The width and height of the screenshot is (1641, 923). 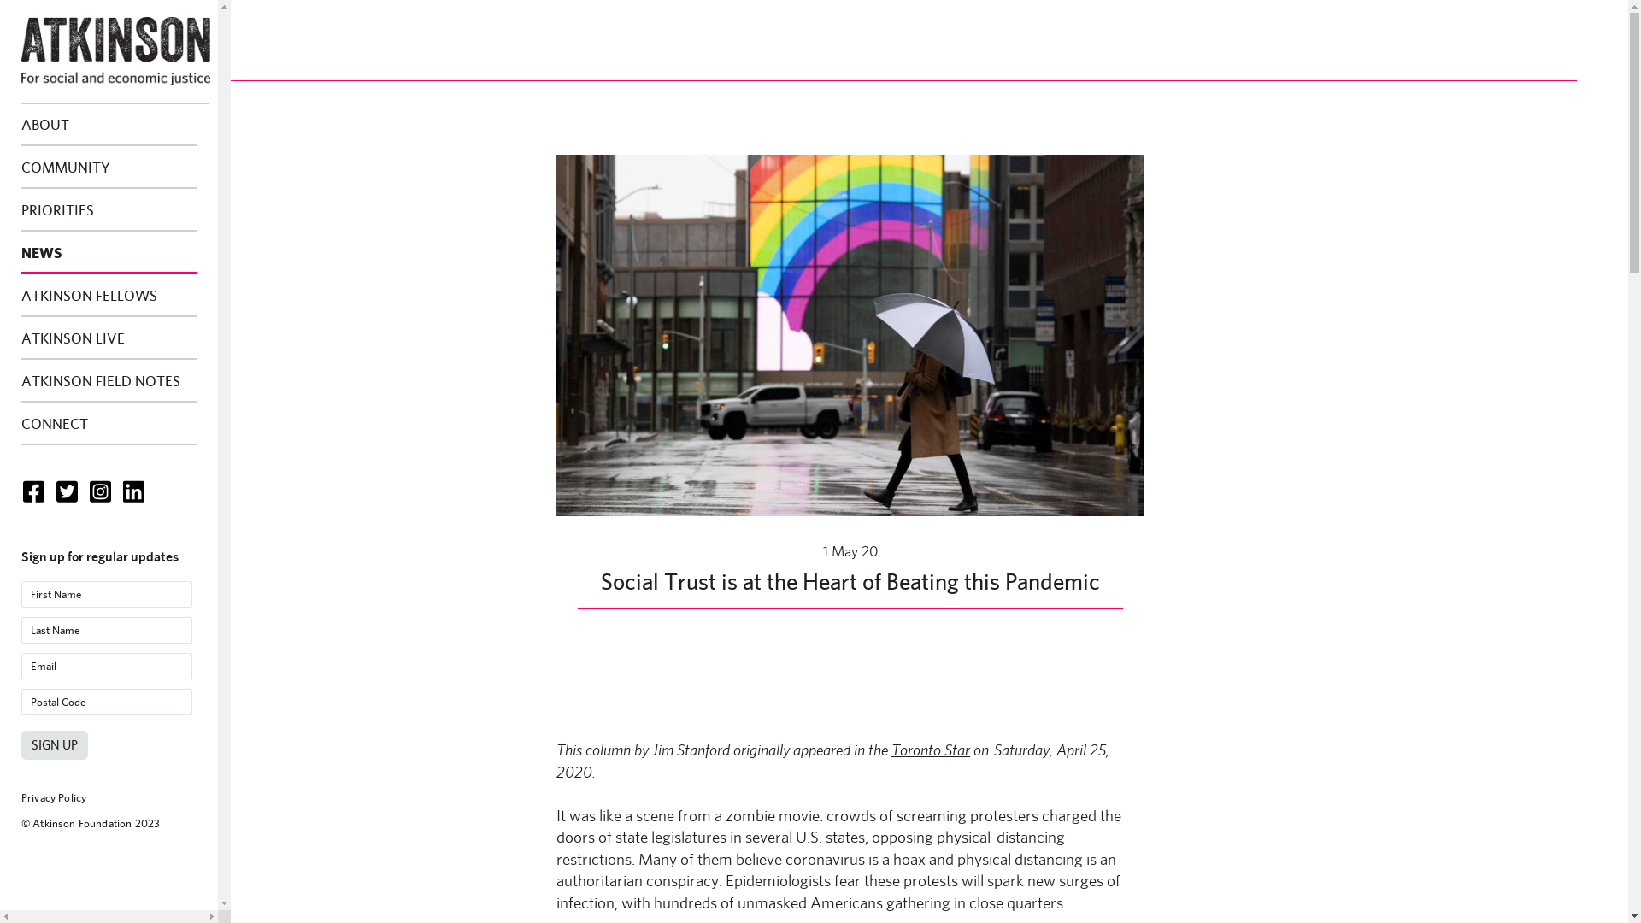 What do you see at coordinates (108, 209) in the screenshot?
I see `'PRIORITIES'` at bounding box center [108, 209].